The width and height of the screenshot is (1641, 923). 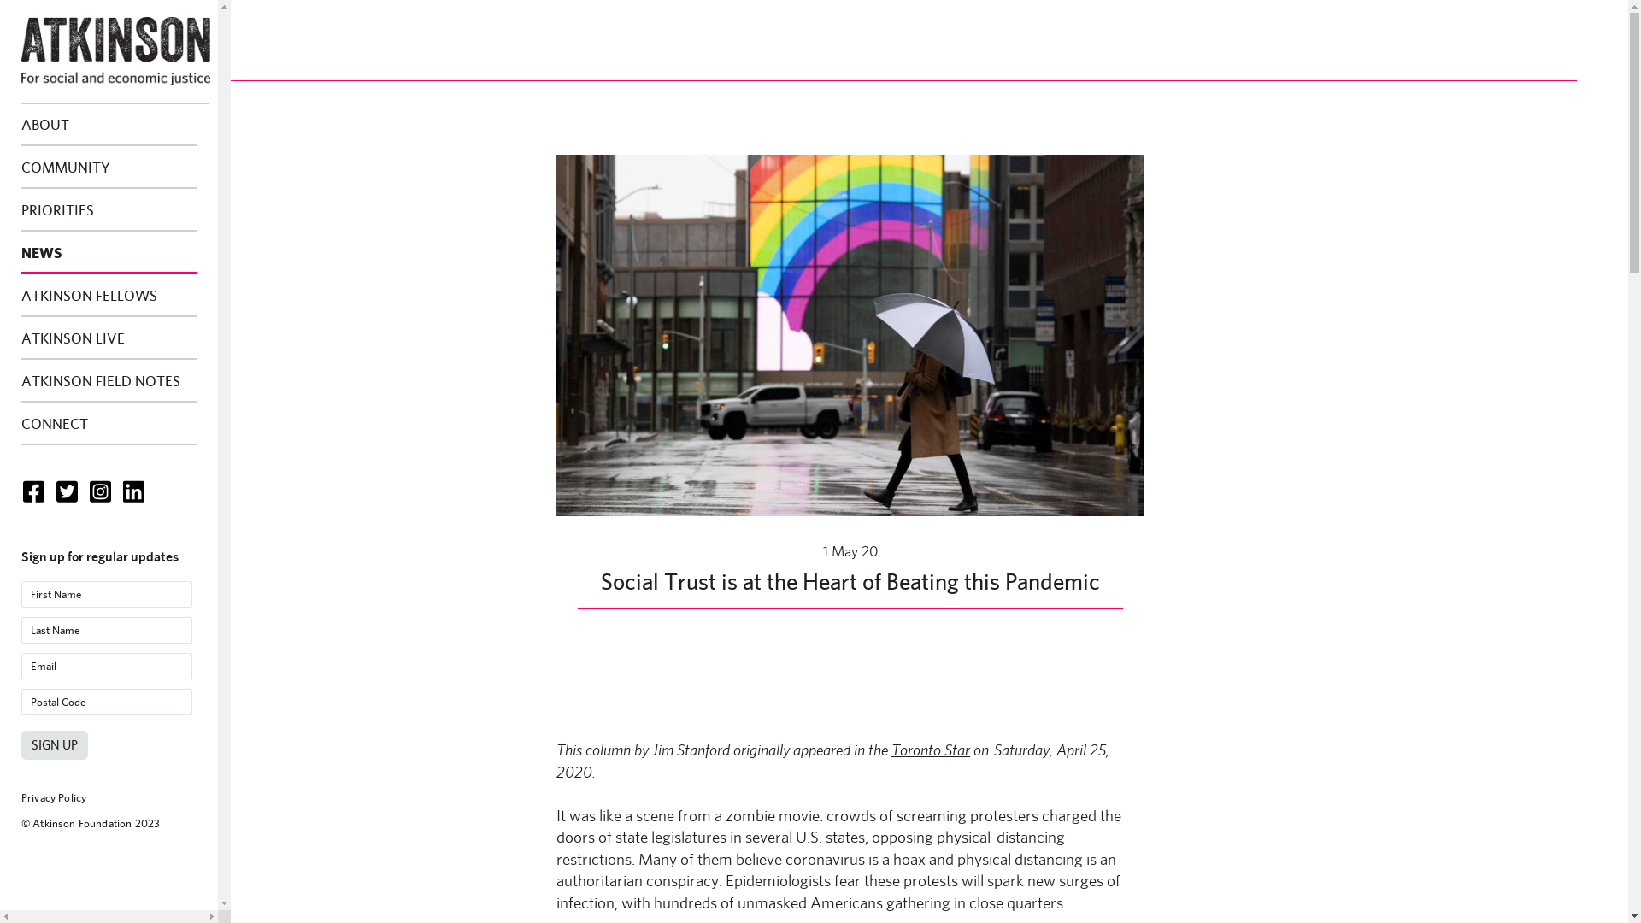 What do you see at coordinates (108, 209) in the screenshot?
I see `'PRIORITIES'` at bounding box center [108, 209].